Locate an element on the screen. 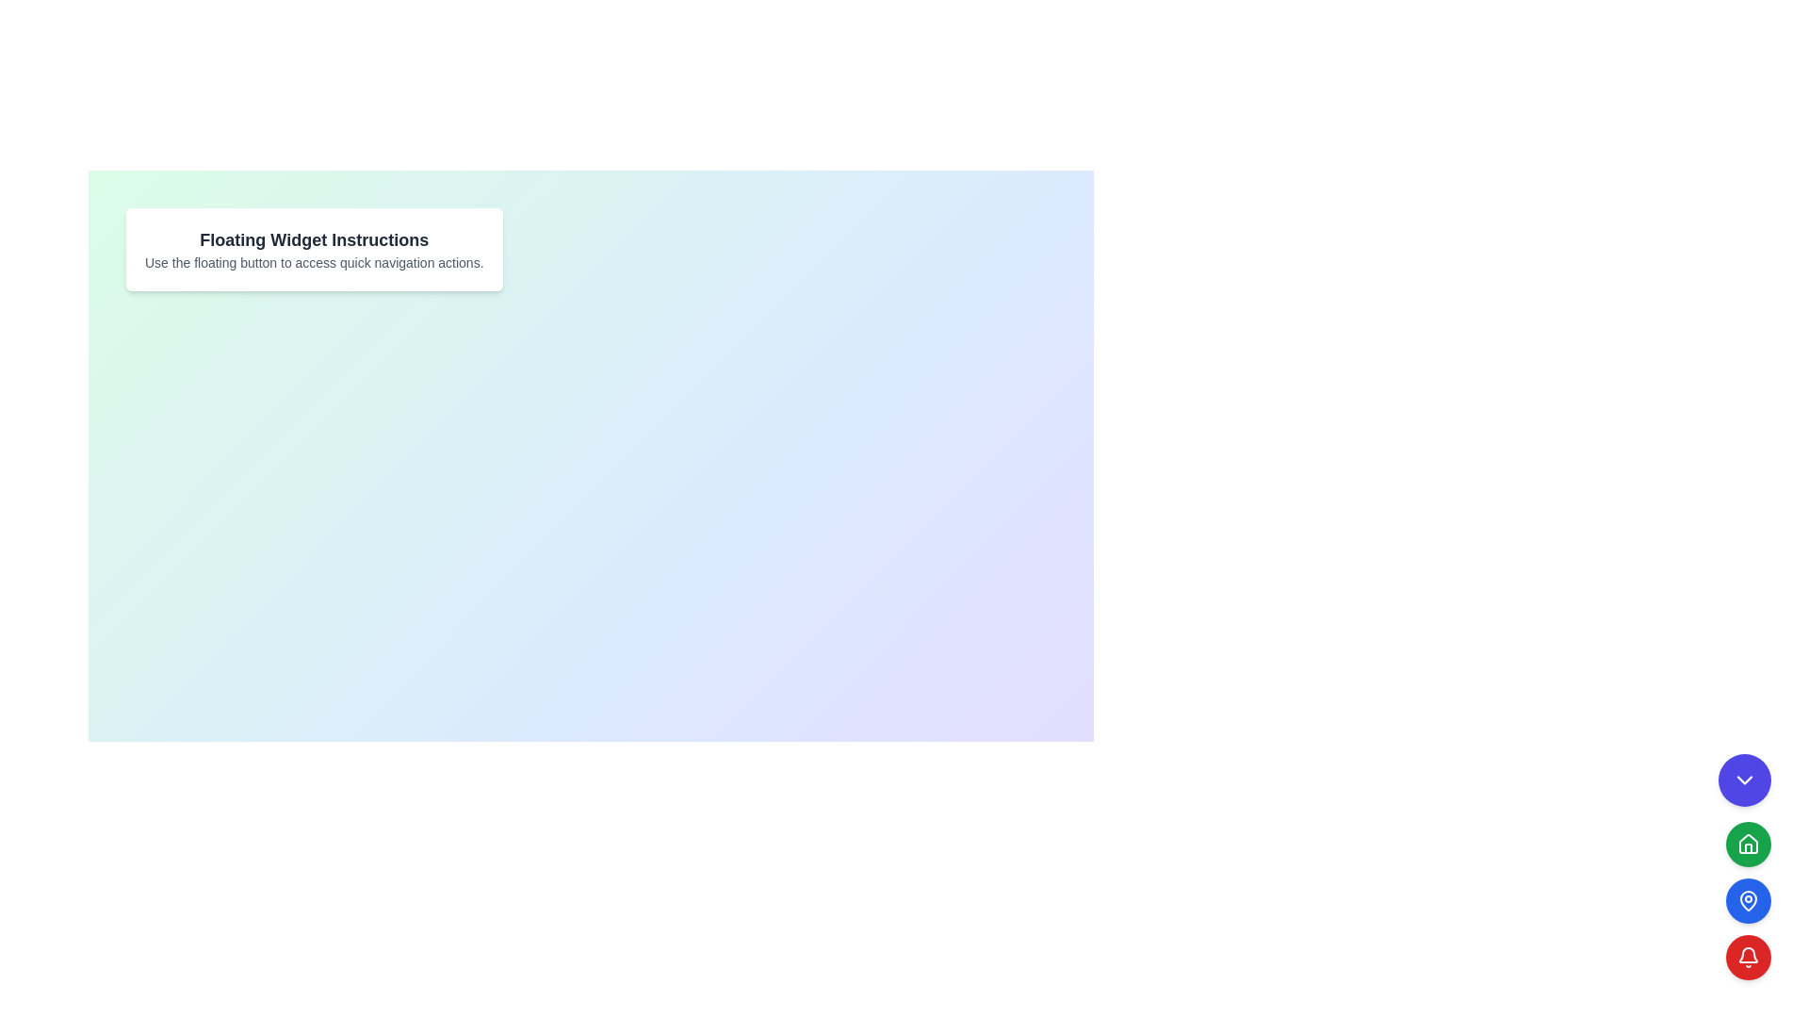 Image resolution: width=1809 pixels, height=1018 pixels. the door icon within the house-like icon, which is part of a group of icons aligned vertically on the right side of the interface inside the green circle button is located at coordinates (1748, 846).